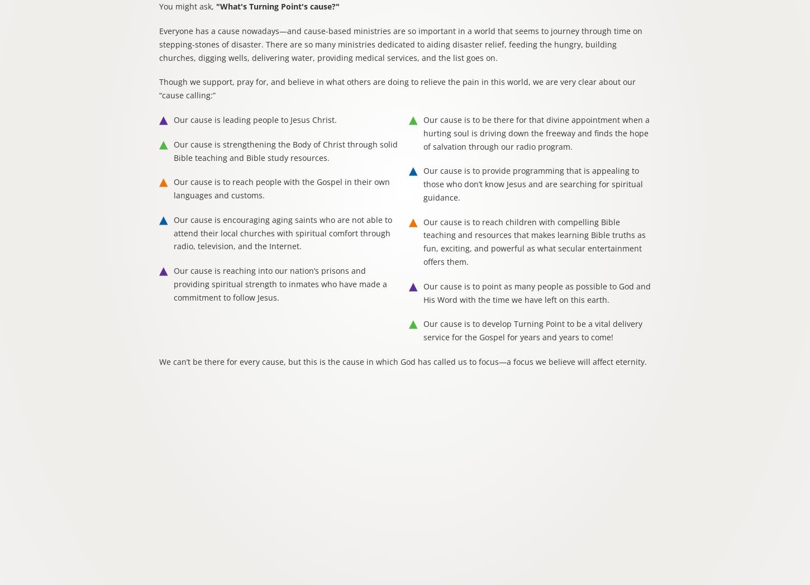 This screenshot has height=585, width=810. Describe the element at coordinates (536, 132) in the screenshot. I see `'Our cause is to be there for that divine appointment when a hurting soul is driving down the freeway and finds the hope of salvation through our radio program.'` at that location.